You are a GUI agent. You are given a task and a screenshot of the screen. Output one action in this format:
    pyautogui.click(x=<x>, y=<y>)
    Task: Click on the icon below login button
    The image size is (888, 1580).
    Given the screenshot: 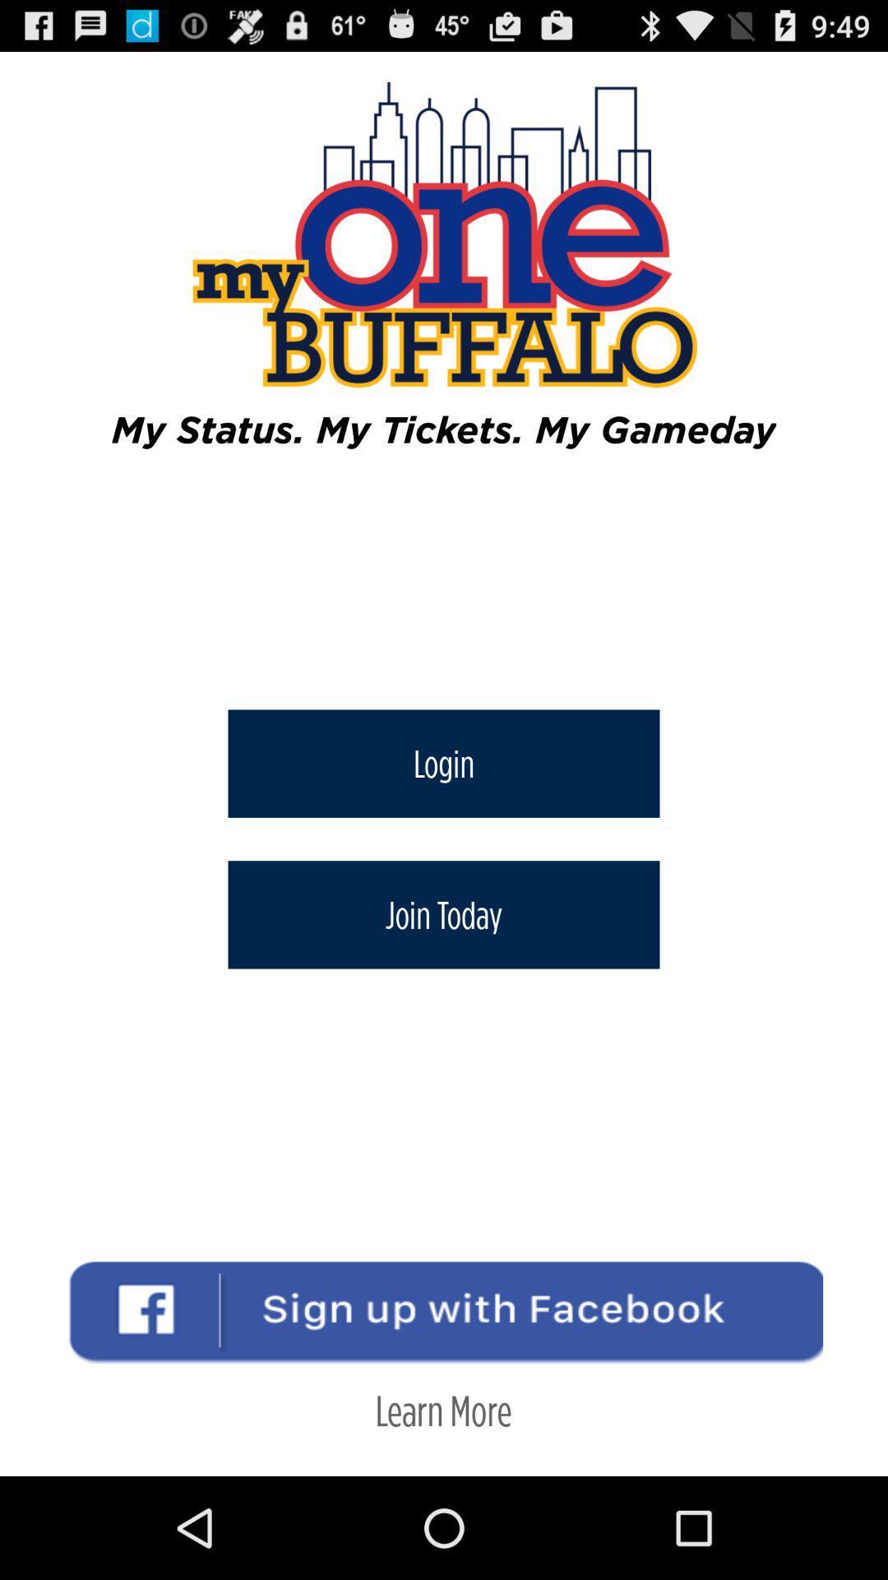 What is the action you would take?
    pyautogui.click(x=444, y=913)
    